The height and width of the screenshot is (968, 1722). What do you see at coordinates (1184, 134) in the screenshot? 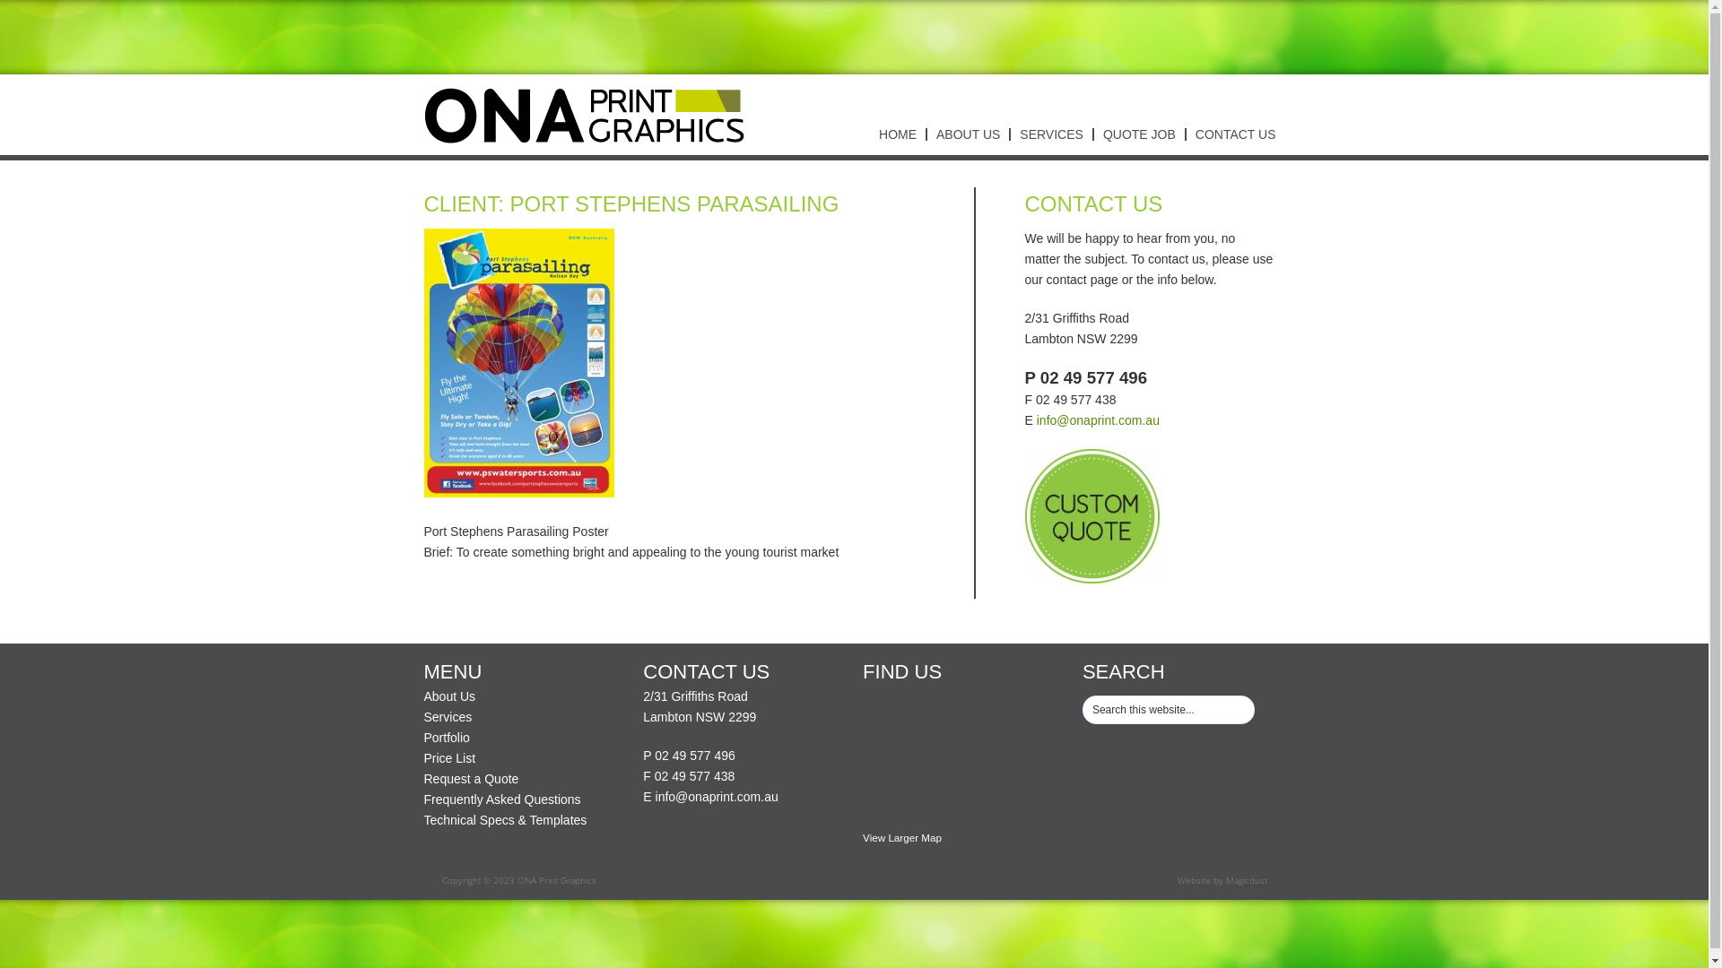
I see `'CONTACT US'` at bounding box center [1184, 134].